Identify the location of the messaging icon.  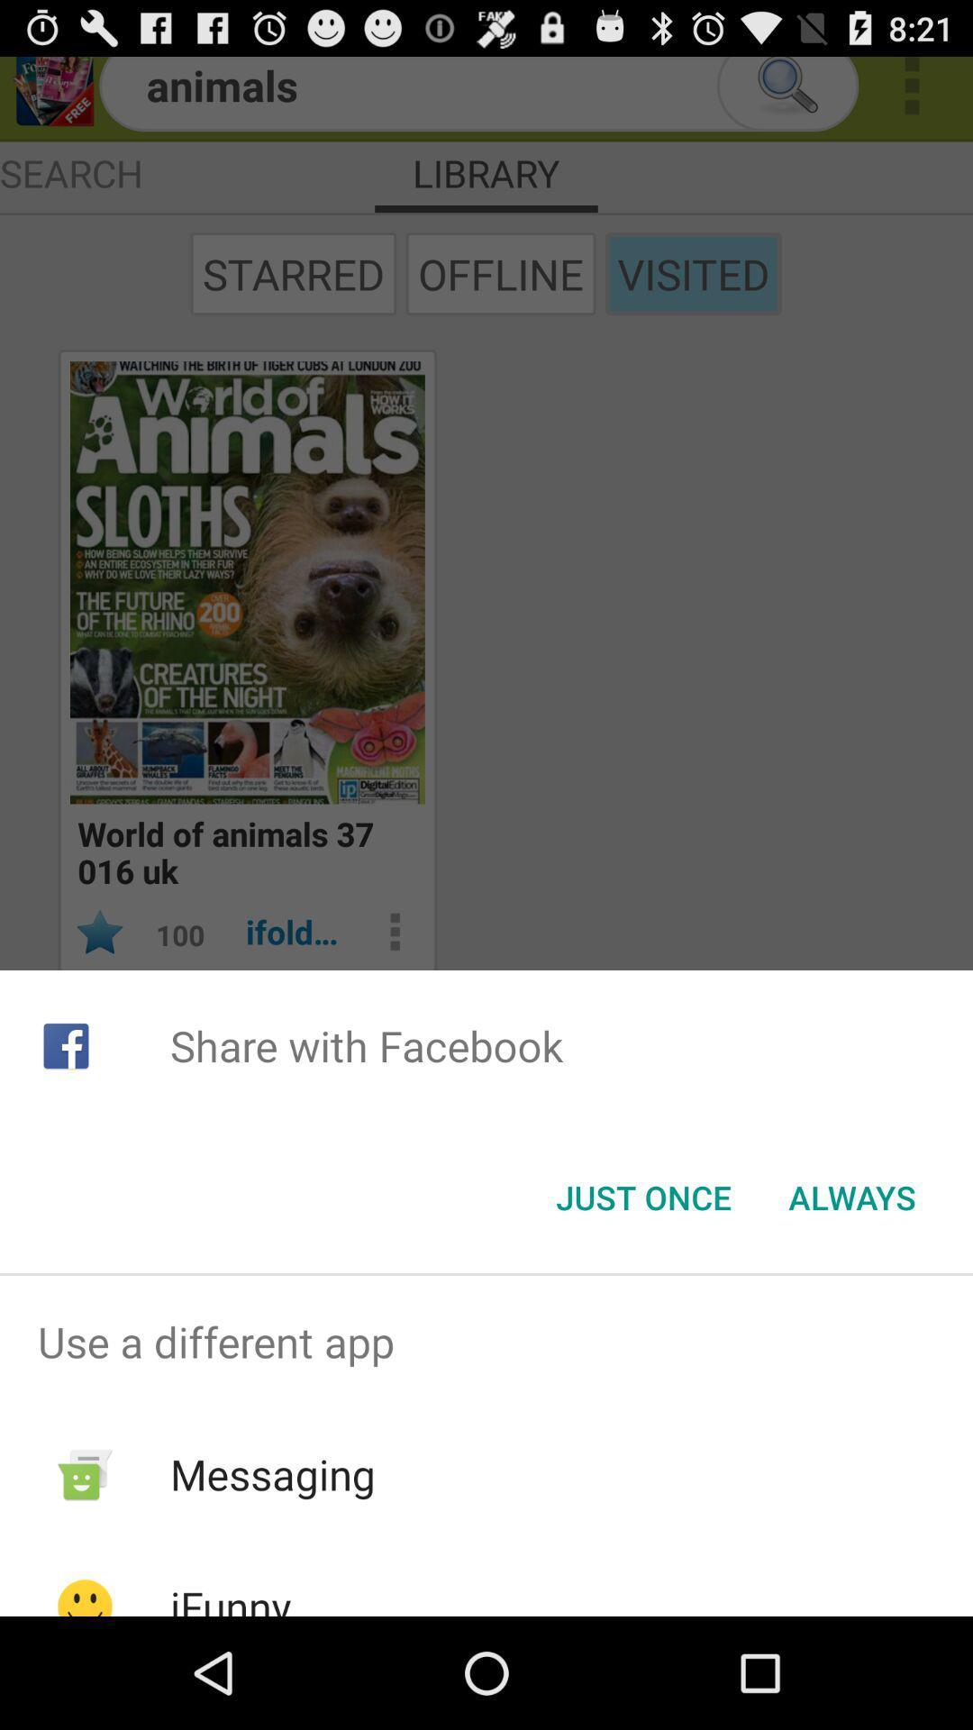
(273, 1474).